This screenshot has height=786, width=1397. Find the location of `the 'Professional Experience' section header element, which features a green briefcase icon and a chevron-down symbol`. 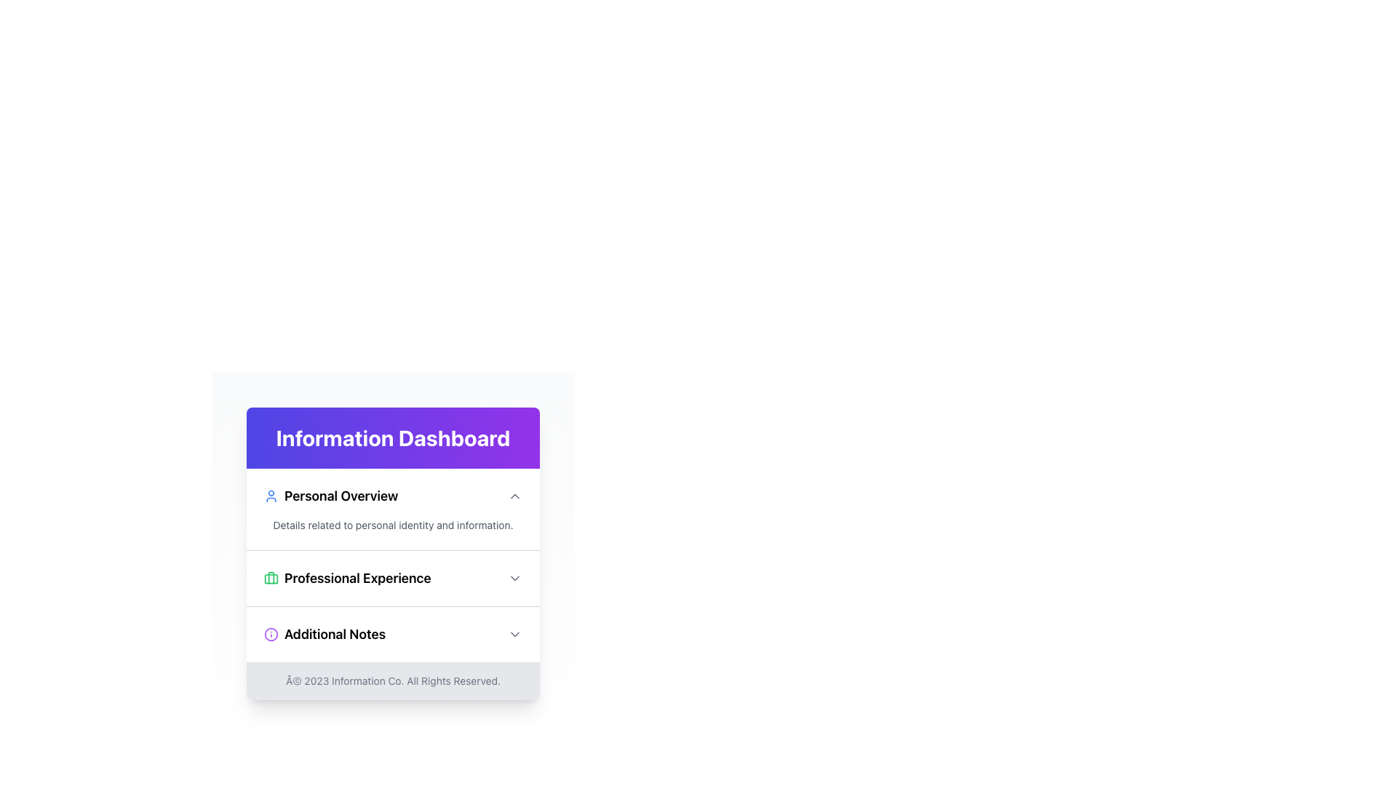

the 'Professional Experience' section header element, which features a green briefcase icon and a chevron-down symbol is located at coordinates (393, 577).